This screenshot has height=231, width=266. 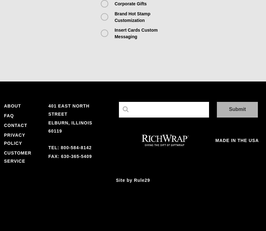 What do you see at coordinates (114, 3) in the screenshot?
I see `'Corporate Gifts'` at bounding box center [114, 3].